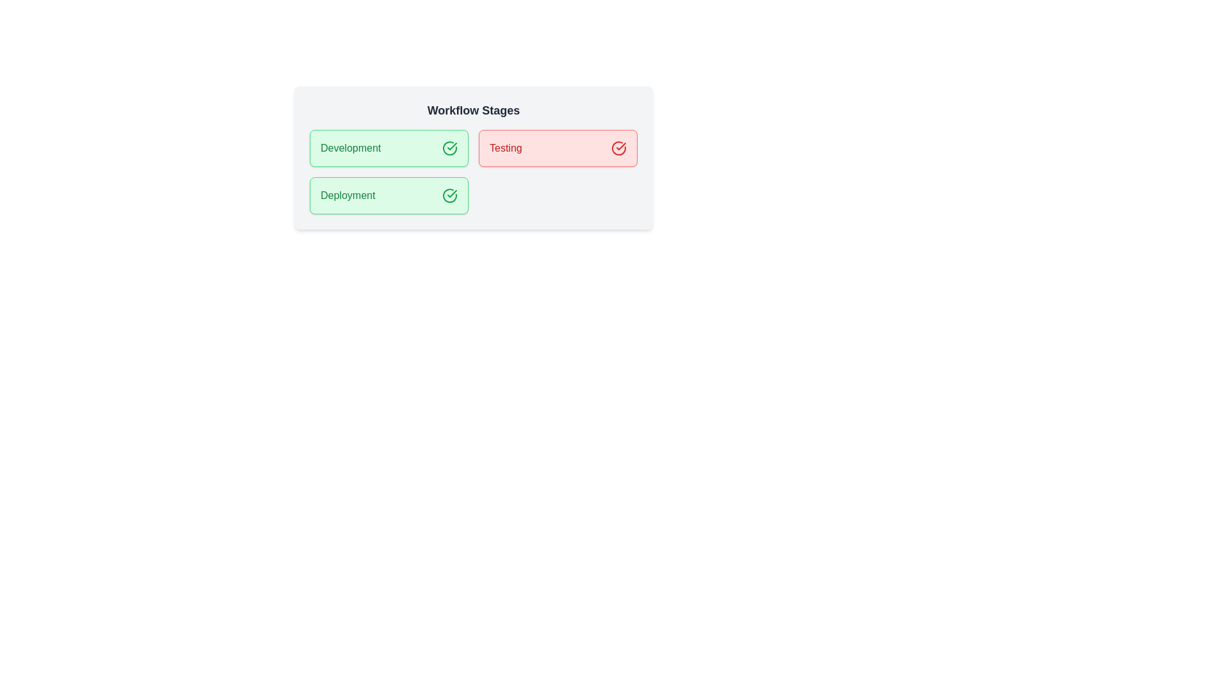 The width and height of the screenshot is (1229, 691). Describe the element at coordinates (618, 147) in the screenshot. I see `the graphical element within the SVG icon that signifies the status associated with the 'Testing' label, located at the top right corner of the workflow stages component` at that location.